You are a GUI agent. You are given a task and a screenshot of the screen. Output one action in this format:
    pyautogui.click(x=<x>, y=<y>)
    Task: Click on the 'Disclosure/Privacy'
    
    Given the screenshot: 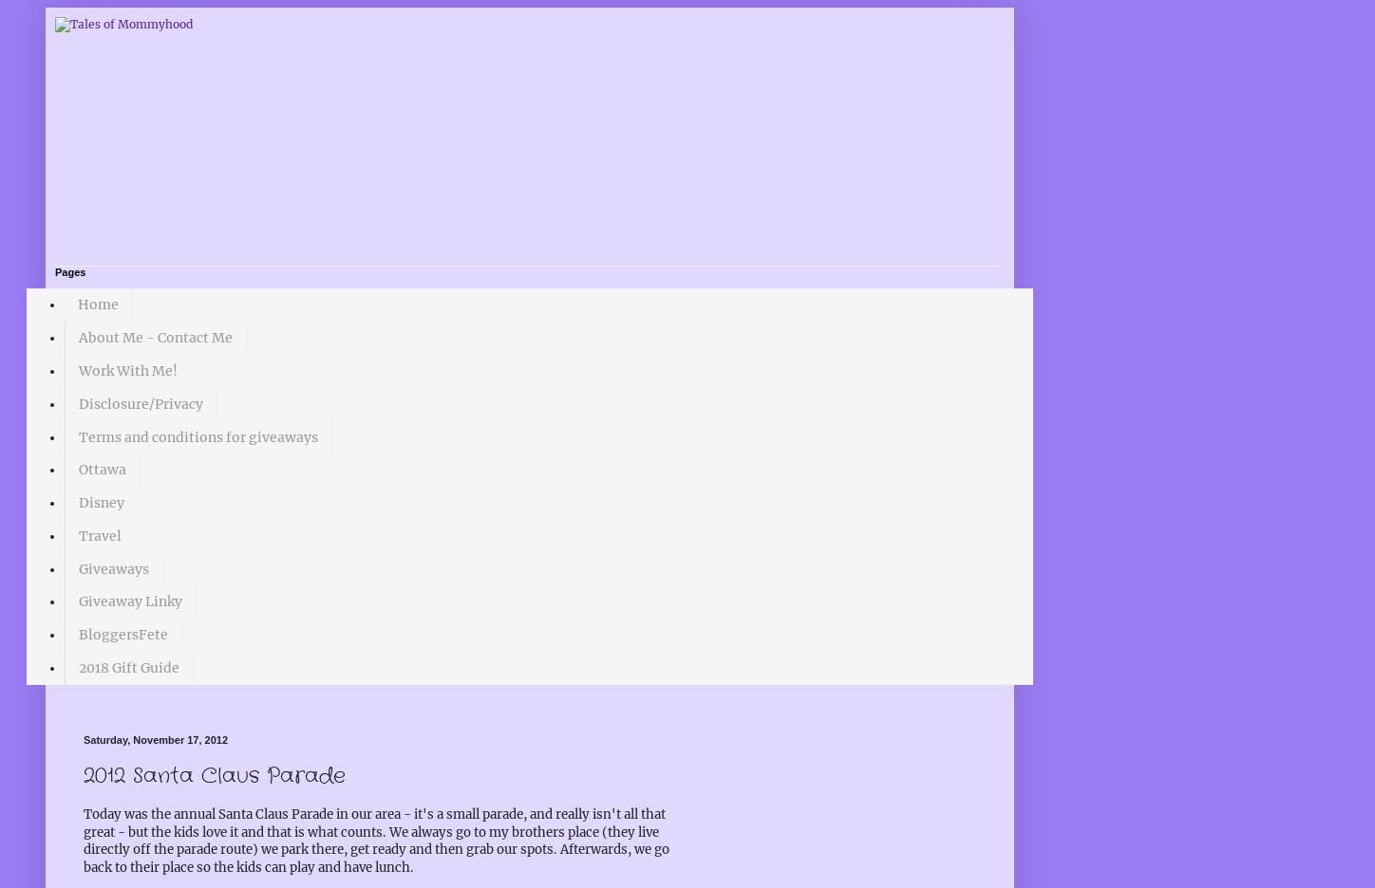 What is the action you would take?
    pyautogui.click(x=78, y=402)
    